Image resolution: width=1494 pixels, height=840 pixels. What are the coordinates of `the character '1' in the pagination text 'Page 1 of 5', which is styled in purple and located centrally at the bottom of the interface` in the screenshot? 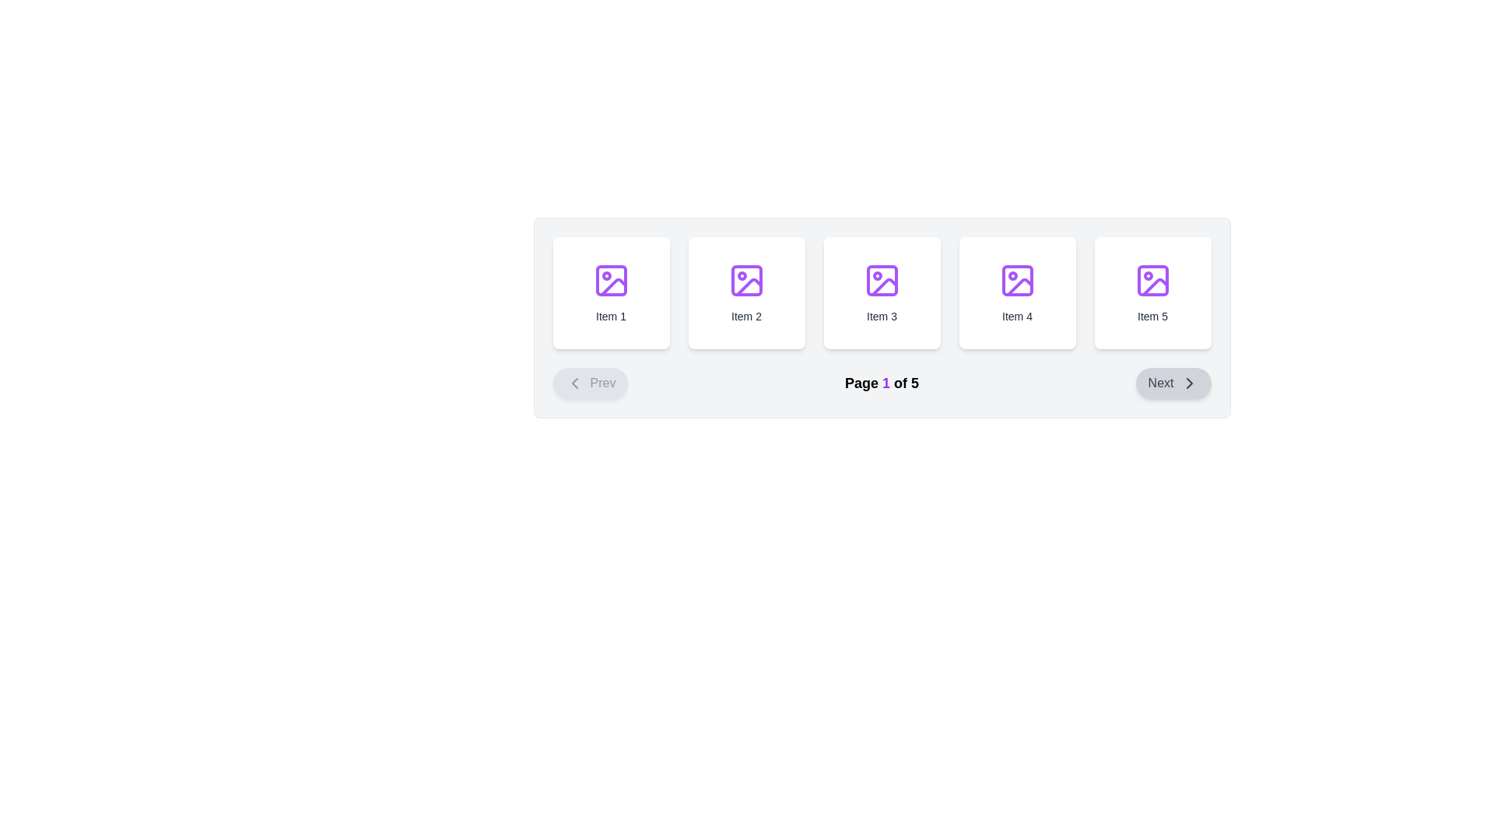 It's located at (886, 383).